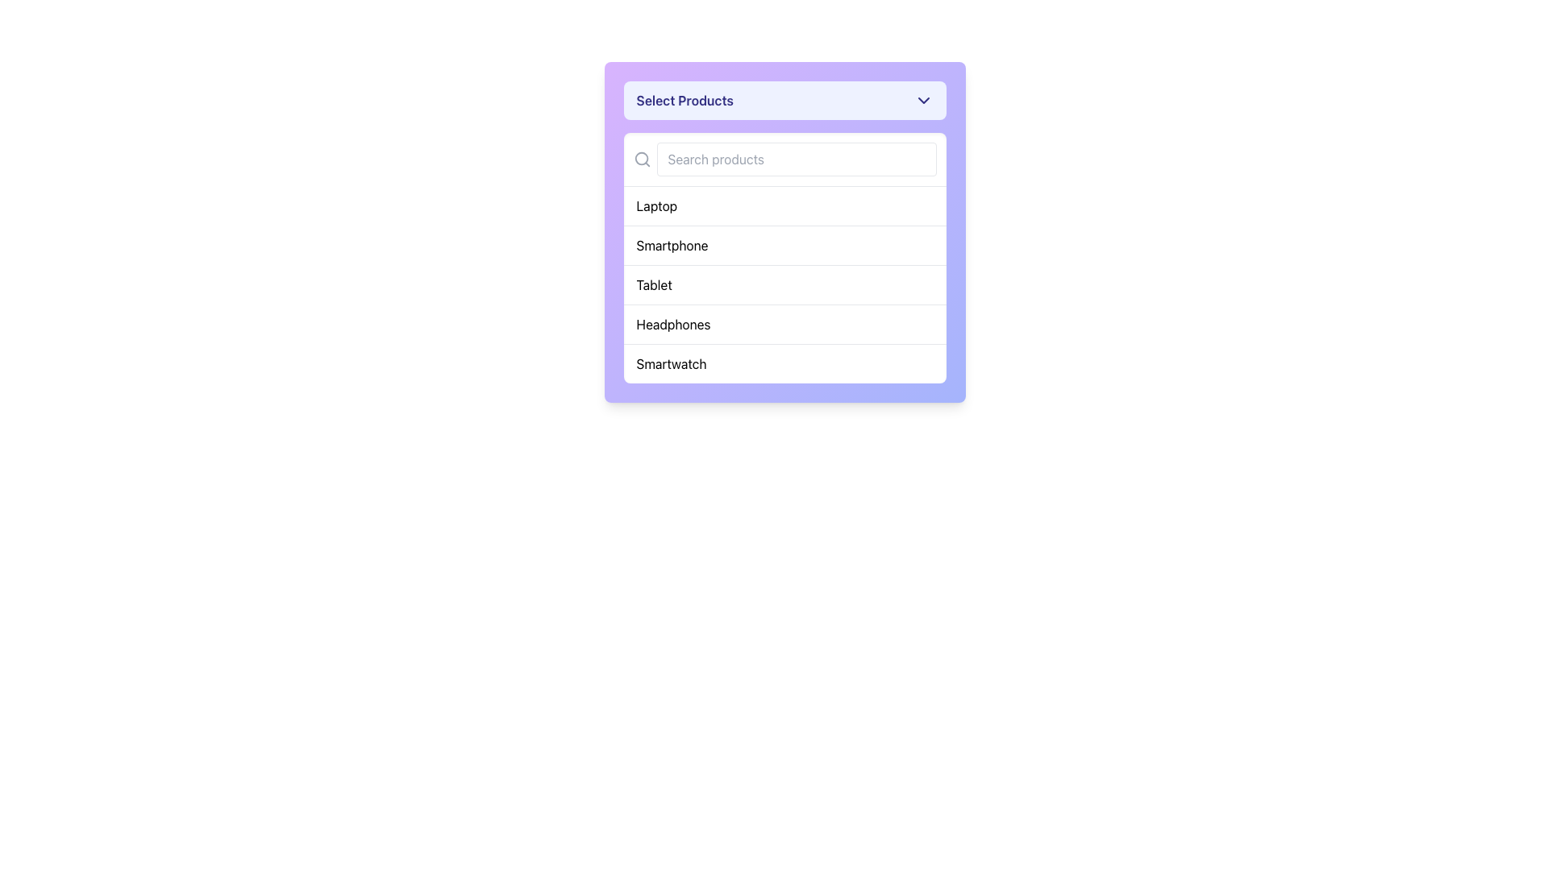 The height and width of the screenshot is (870, 1548). What do you see at coordinates (654, 284) in the screenshot?
I see `the 'Tablet' option in the dropdown menu` at bounding box center [654, 284].